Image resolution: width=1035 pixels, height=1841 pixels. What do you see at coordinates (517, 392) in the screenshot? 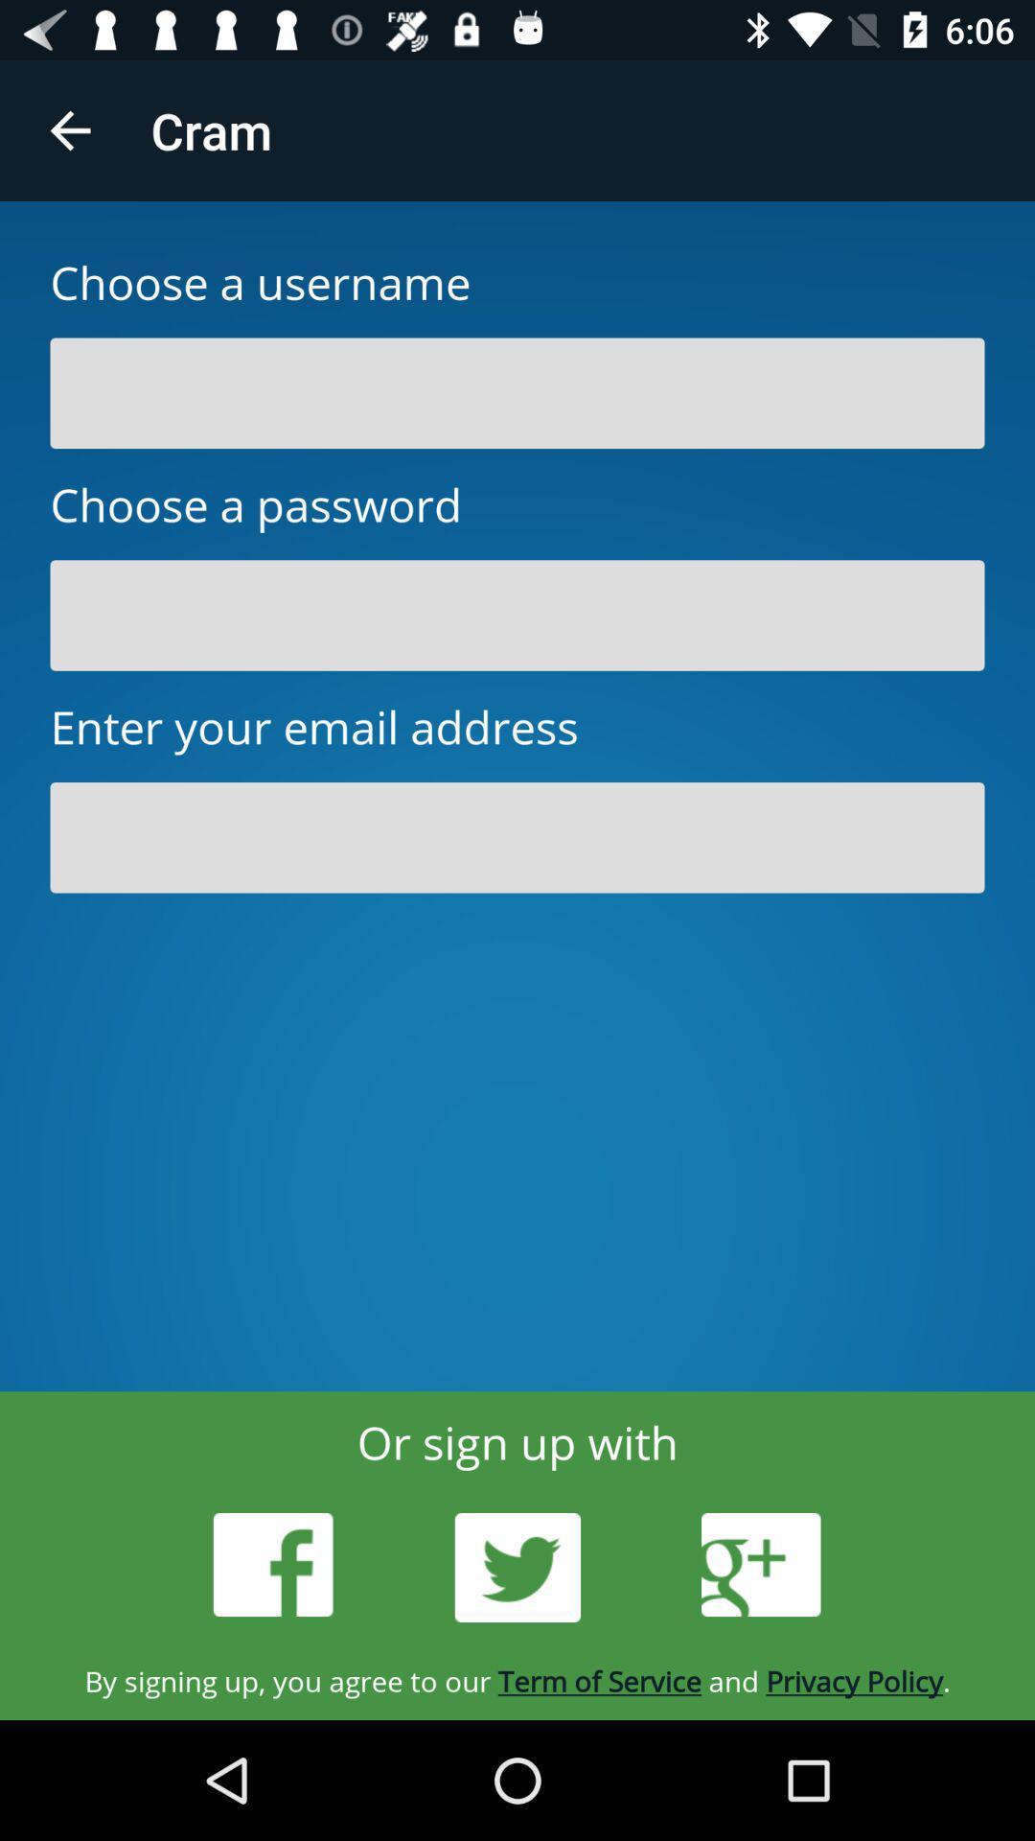
I see `name yourself` at bounding box center [517, 392].